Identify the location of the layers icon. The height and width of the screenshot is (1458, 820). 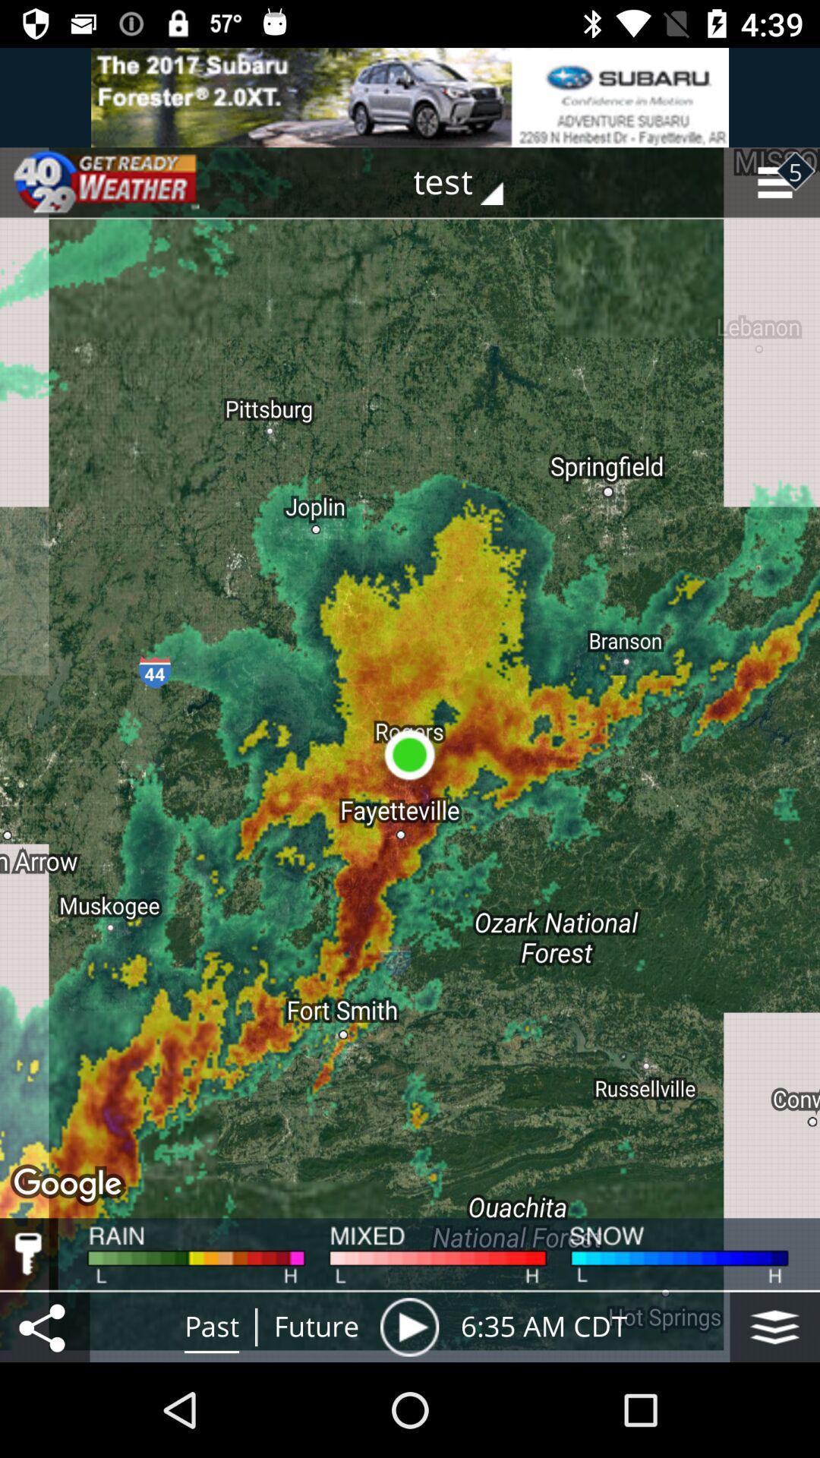
(774, 1326).